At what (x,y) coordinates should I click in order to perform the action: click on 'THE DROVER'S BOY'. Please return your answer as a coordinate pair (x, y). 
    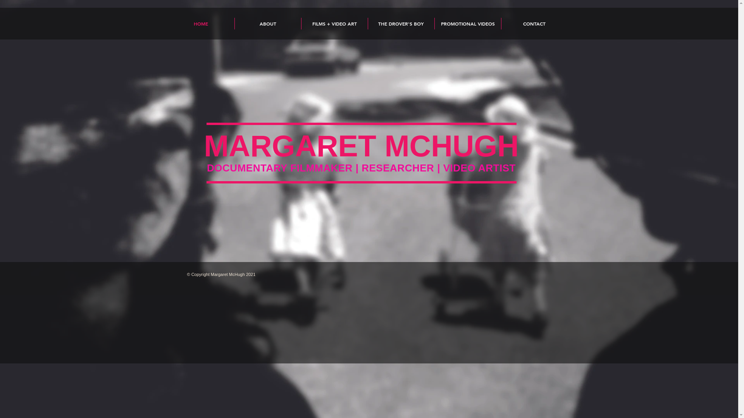
    Looking at the image, I should click on (368, 23).